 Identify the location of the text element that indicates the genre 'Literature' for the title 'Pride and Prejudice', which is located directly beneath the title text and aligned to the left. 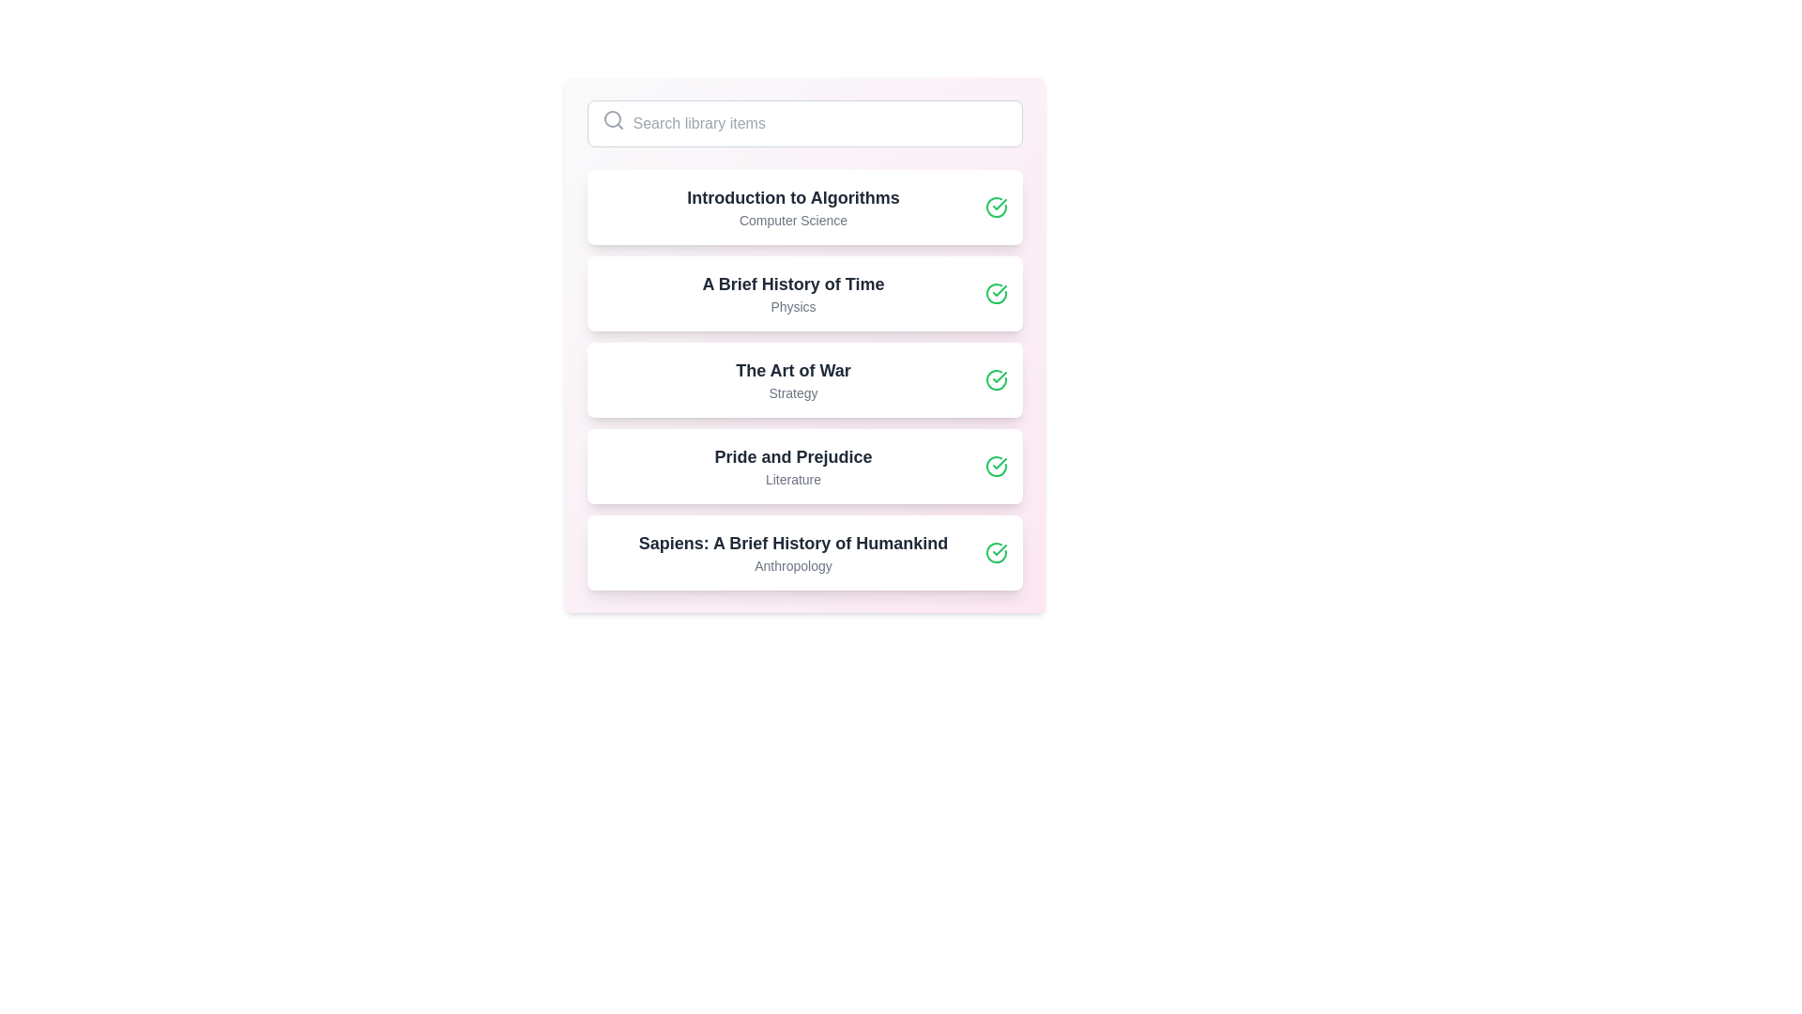
(793, 478).